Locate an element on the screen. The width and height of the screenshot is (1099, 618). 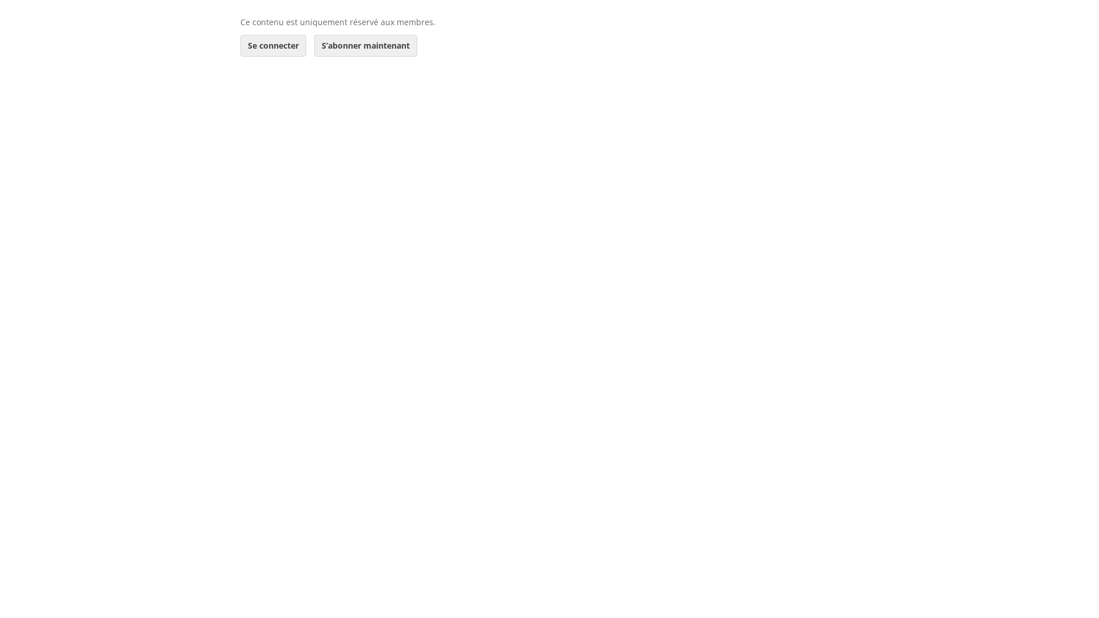
'Se connecter' is located at coordinates (272, 45).